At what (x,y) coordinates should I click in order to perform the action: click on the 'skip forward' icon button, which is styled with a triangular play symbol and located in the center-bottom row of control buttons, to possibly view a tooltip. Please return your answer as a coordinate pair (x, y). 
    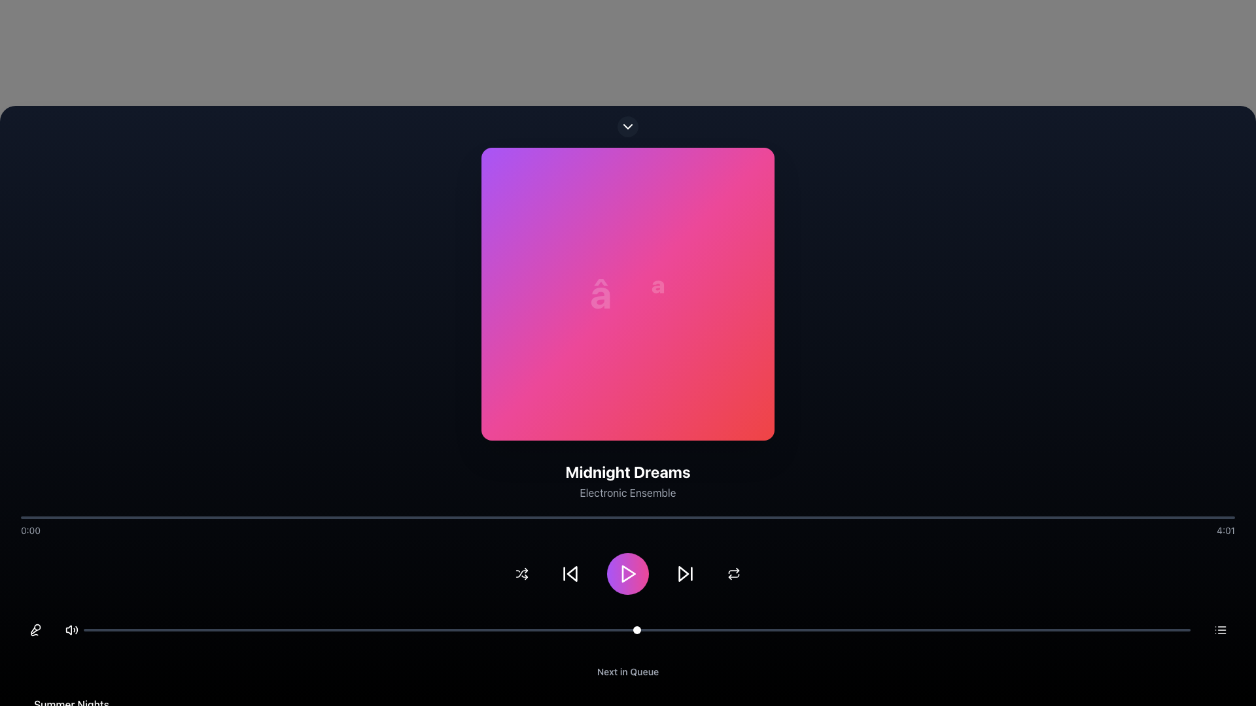
    Looking at the image, I should click on (684, 573).